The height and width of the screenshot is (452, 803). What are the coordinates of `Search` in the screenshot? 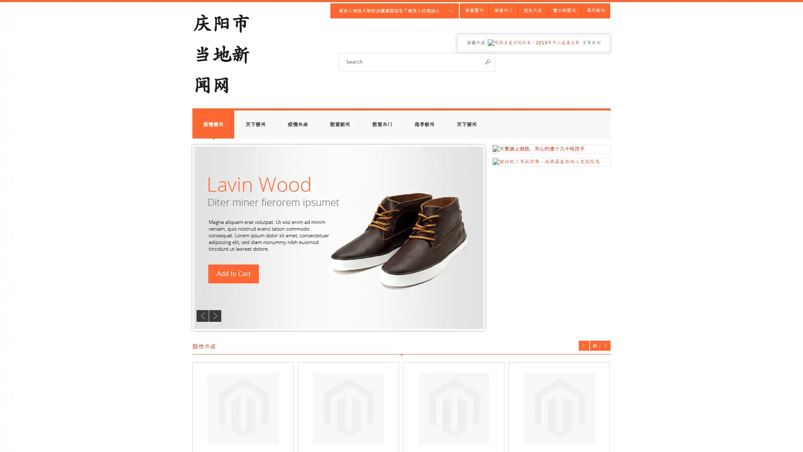 It's located at (488, 61).